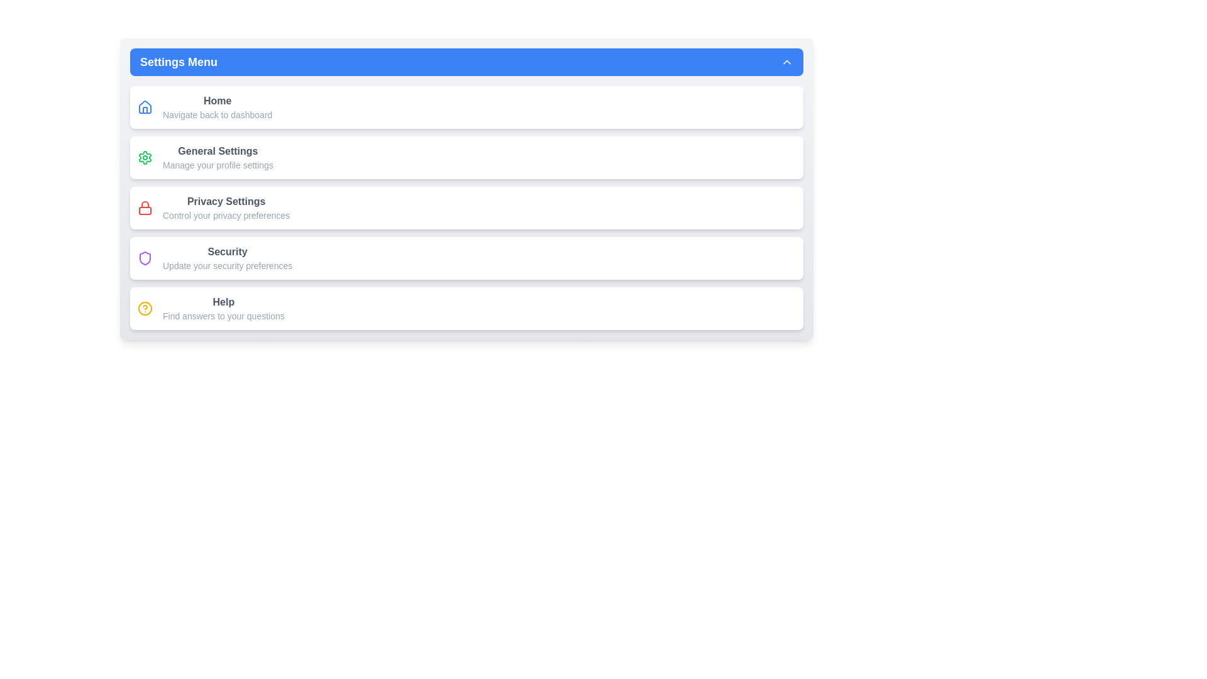 The width and height of the screenshot is (1207, 679). Describe the element at coordinates (223, 308) in the screenshot. I see `the 'Help' text block located in the 'Settings Menu' section, which is the fifth item and is styled with bold dark gray font` at that location.